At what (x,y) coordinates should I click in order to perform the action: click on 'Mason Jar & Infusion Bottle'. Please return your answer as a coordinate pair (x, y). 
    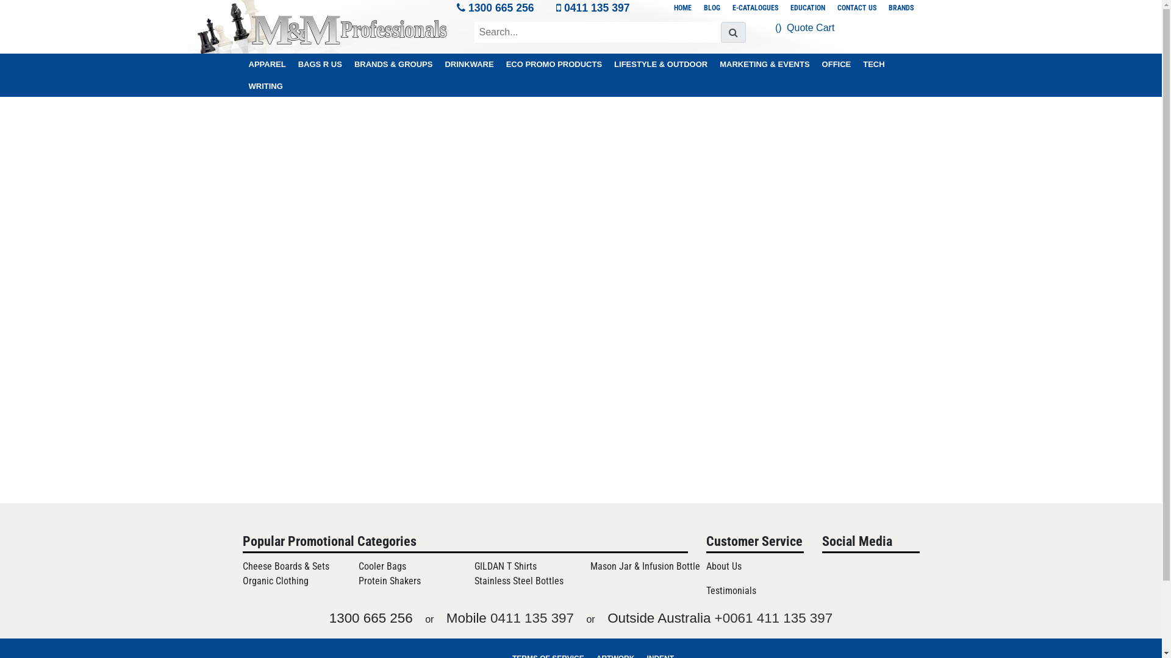
    Looking at the image, I should click on (644, 566).